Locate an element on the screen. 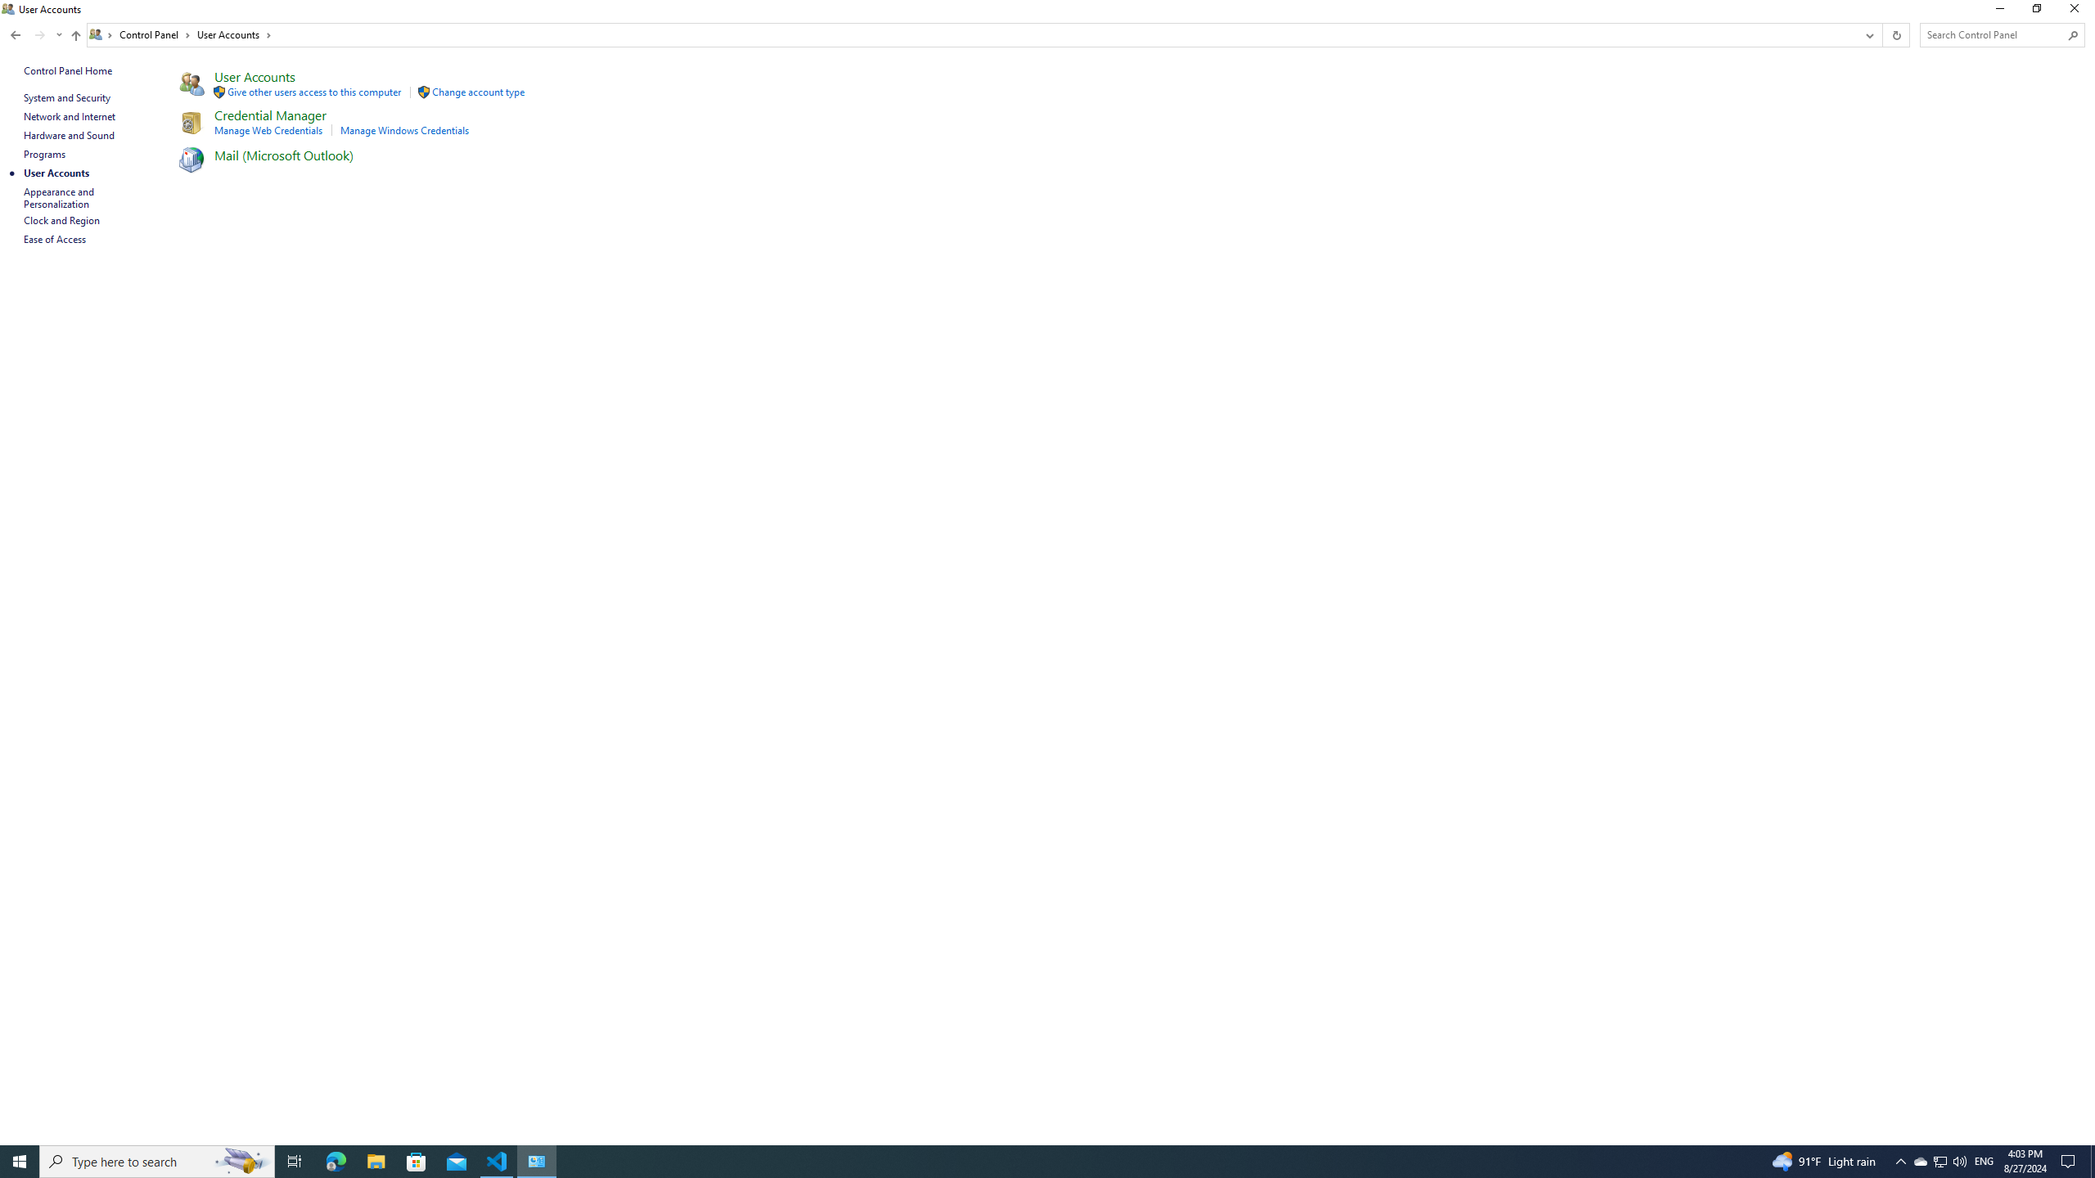 The image size is (2095, 1178). 'Restore' is located at coordinates (2035, 12).